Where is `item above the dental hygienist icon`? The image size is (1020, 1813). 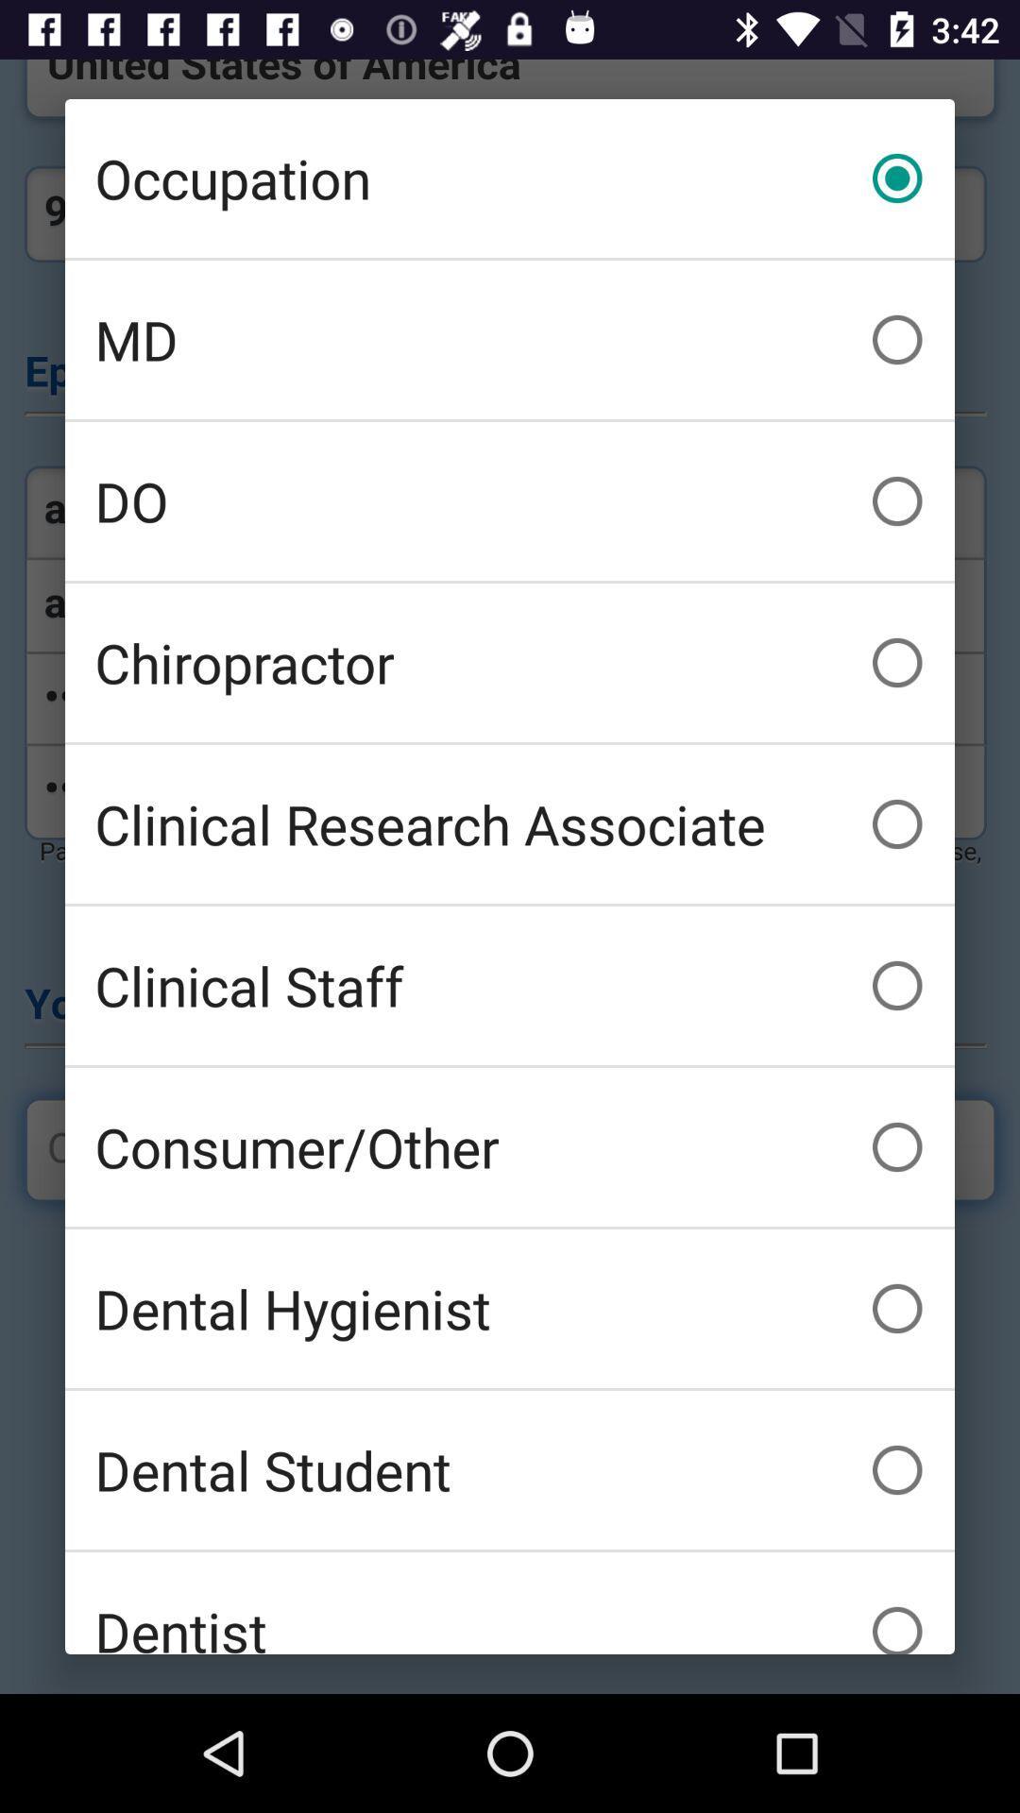 item above the dental hygienist icon is located at coordinates (510, 1145).